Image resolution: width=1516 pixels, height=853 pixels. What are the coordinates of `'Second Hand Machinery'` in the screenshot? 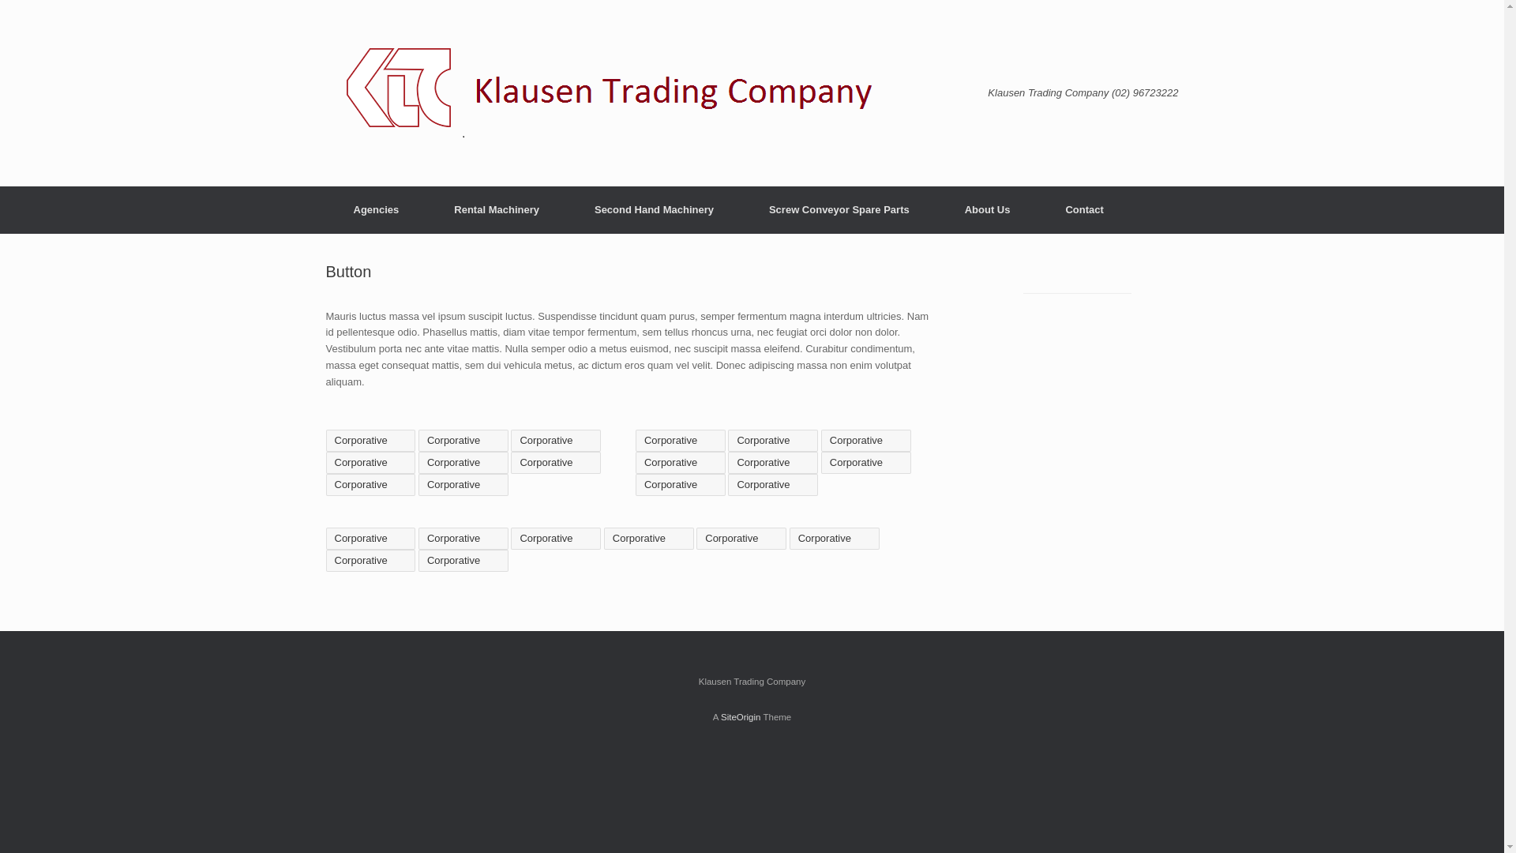 It's located at (654, 209).